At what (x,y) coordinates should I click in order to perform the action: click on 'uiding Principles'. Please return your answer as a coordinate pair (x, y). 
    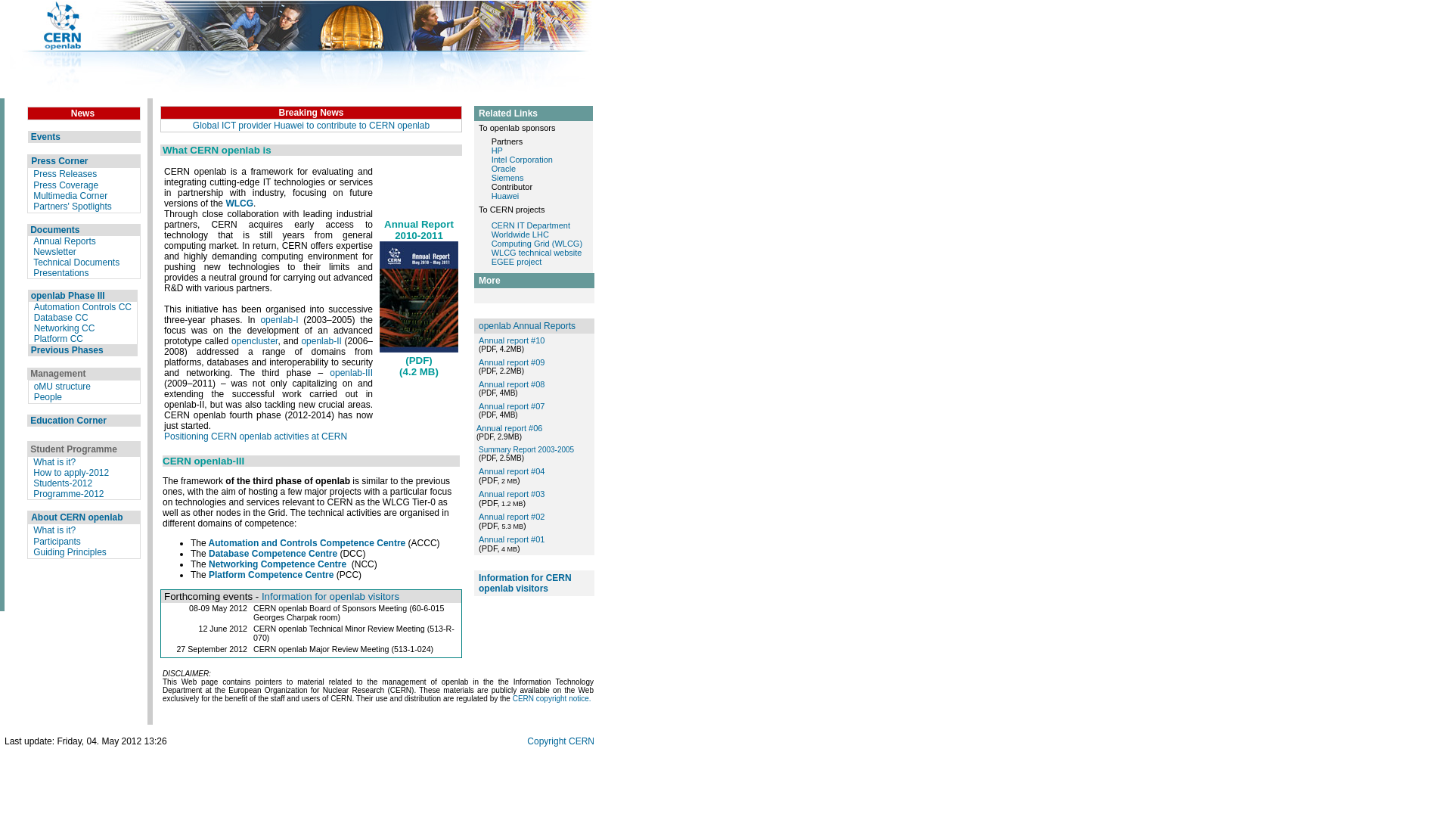
    Looking at the image, I should click on (72, 551).